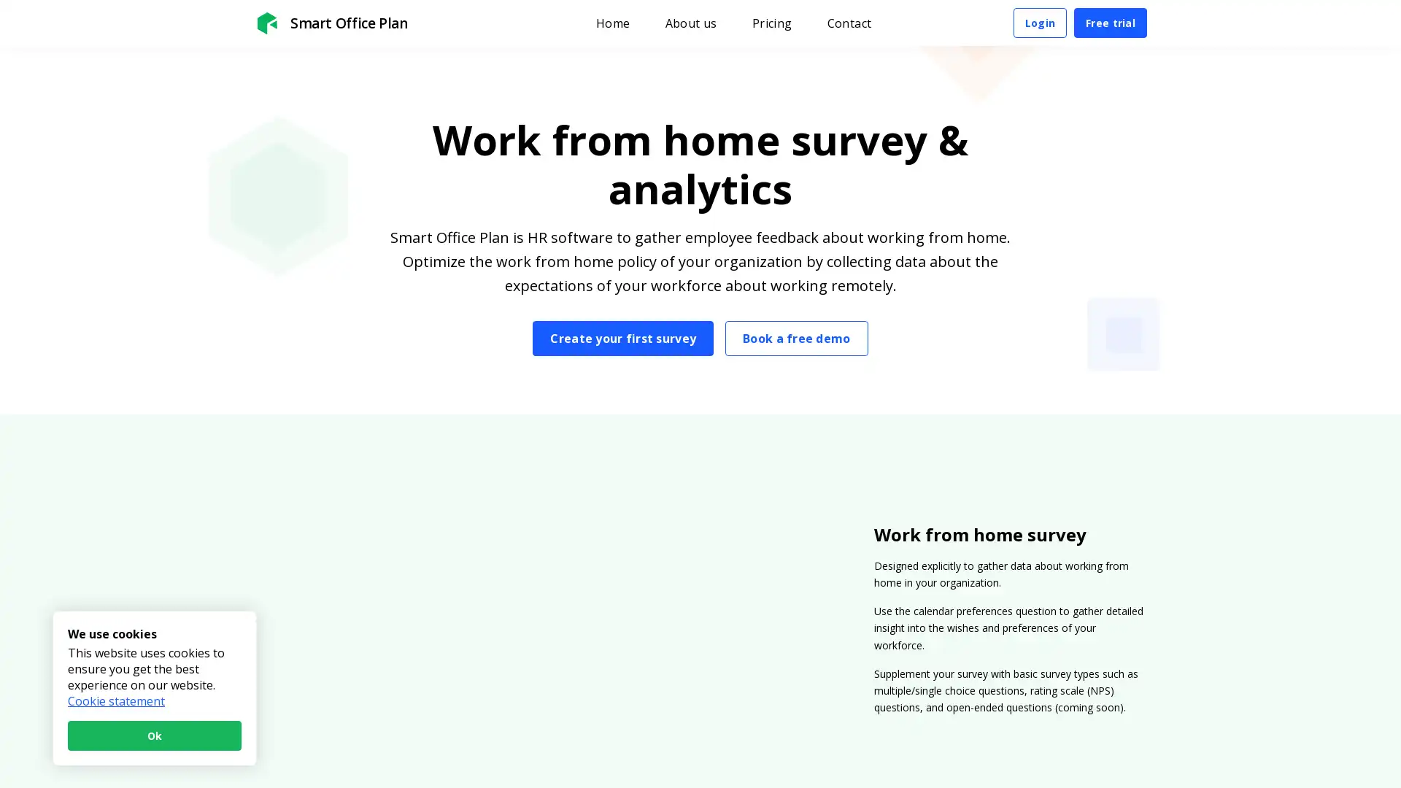 This screenshot has height=788, width=1401. Describe the element at coordinates (795, 338) in the screenshot. I see `Book a free demo` at that location.